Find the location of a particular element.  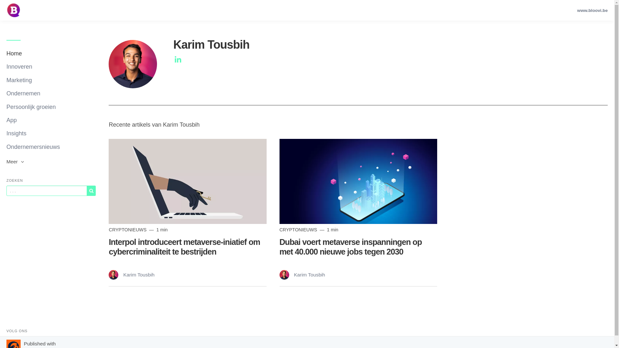

'Innoveren' is located at coordinates (6, 67).